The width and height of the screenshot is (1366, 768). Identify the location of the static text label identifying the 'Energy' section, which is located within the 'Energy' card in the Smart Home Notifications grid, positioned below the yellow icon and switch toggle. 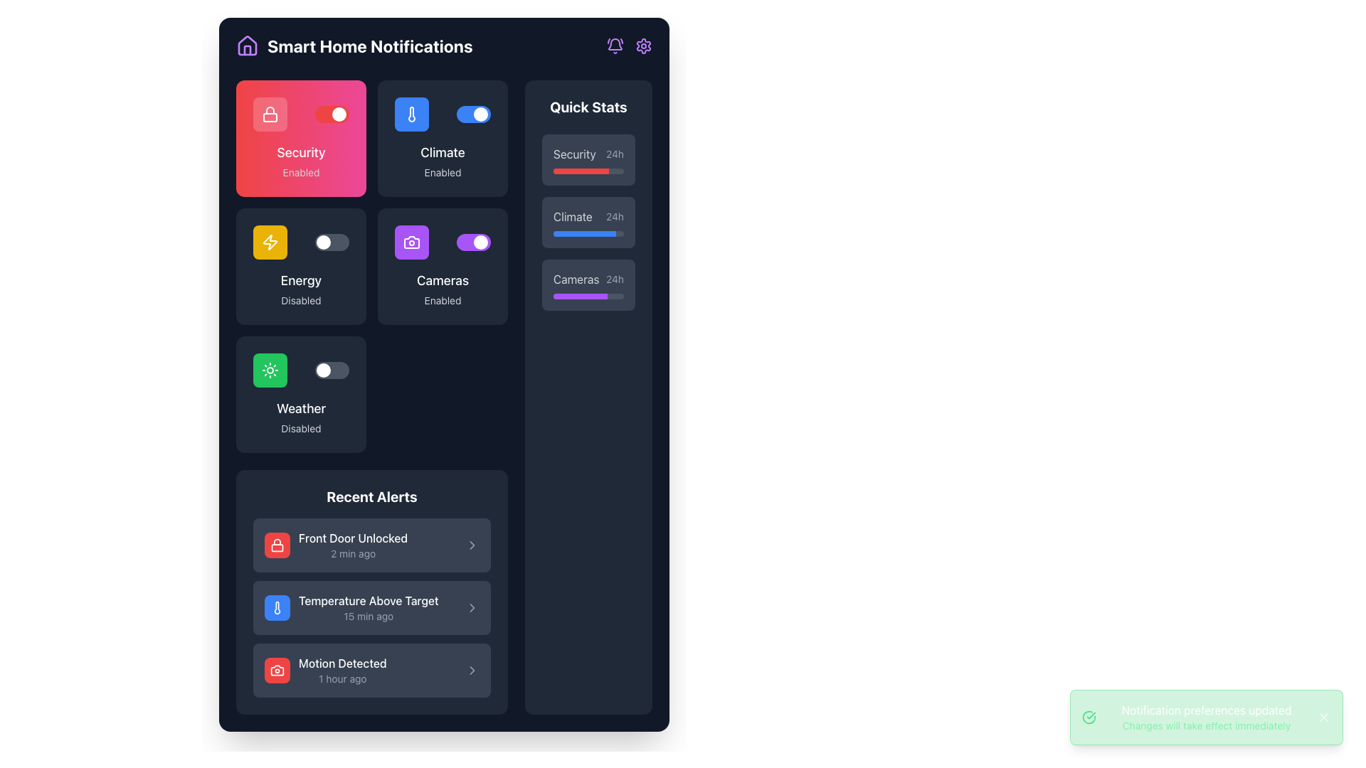
(300, 280).